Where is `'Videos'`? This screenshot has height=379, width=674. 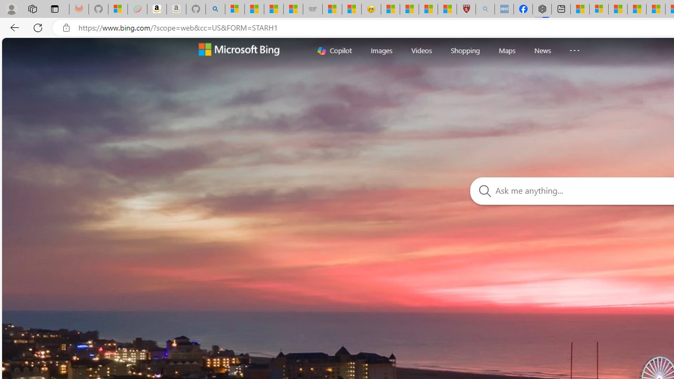
'Videos' is located at coordinates (421, 50).